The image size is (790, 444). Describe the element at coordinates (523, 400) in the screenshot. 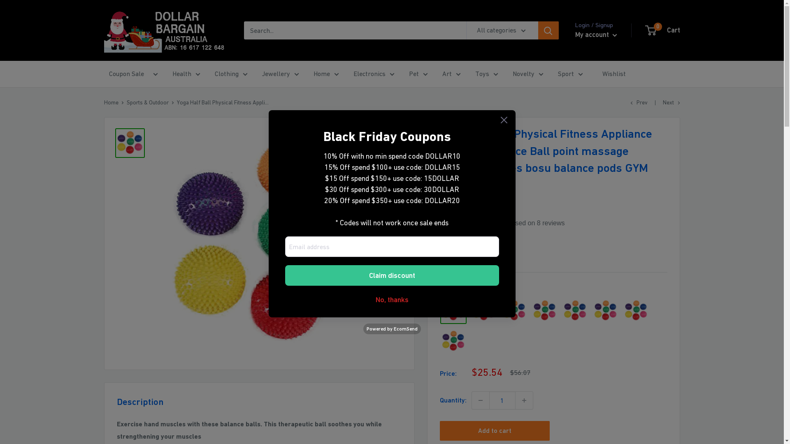

I see `'Increase quantity by 1'` at that location.